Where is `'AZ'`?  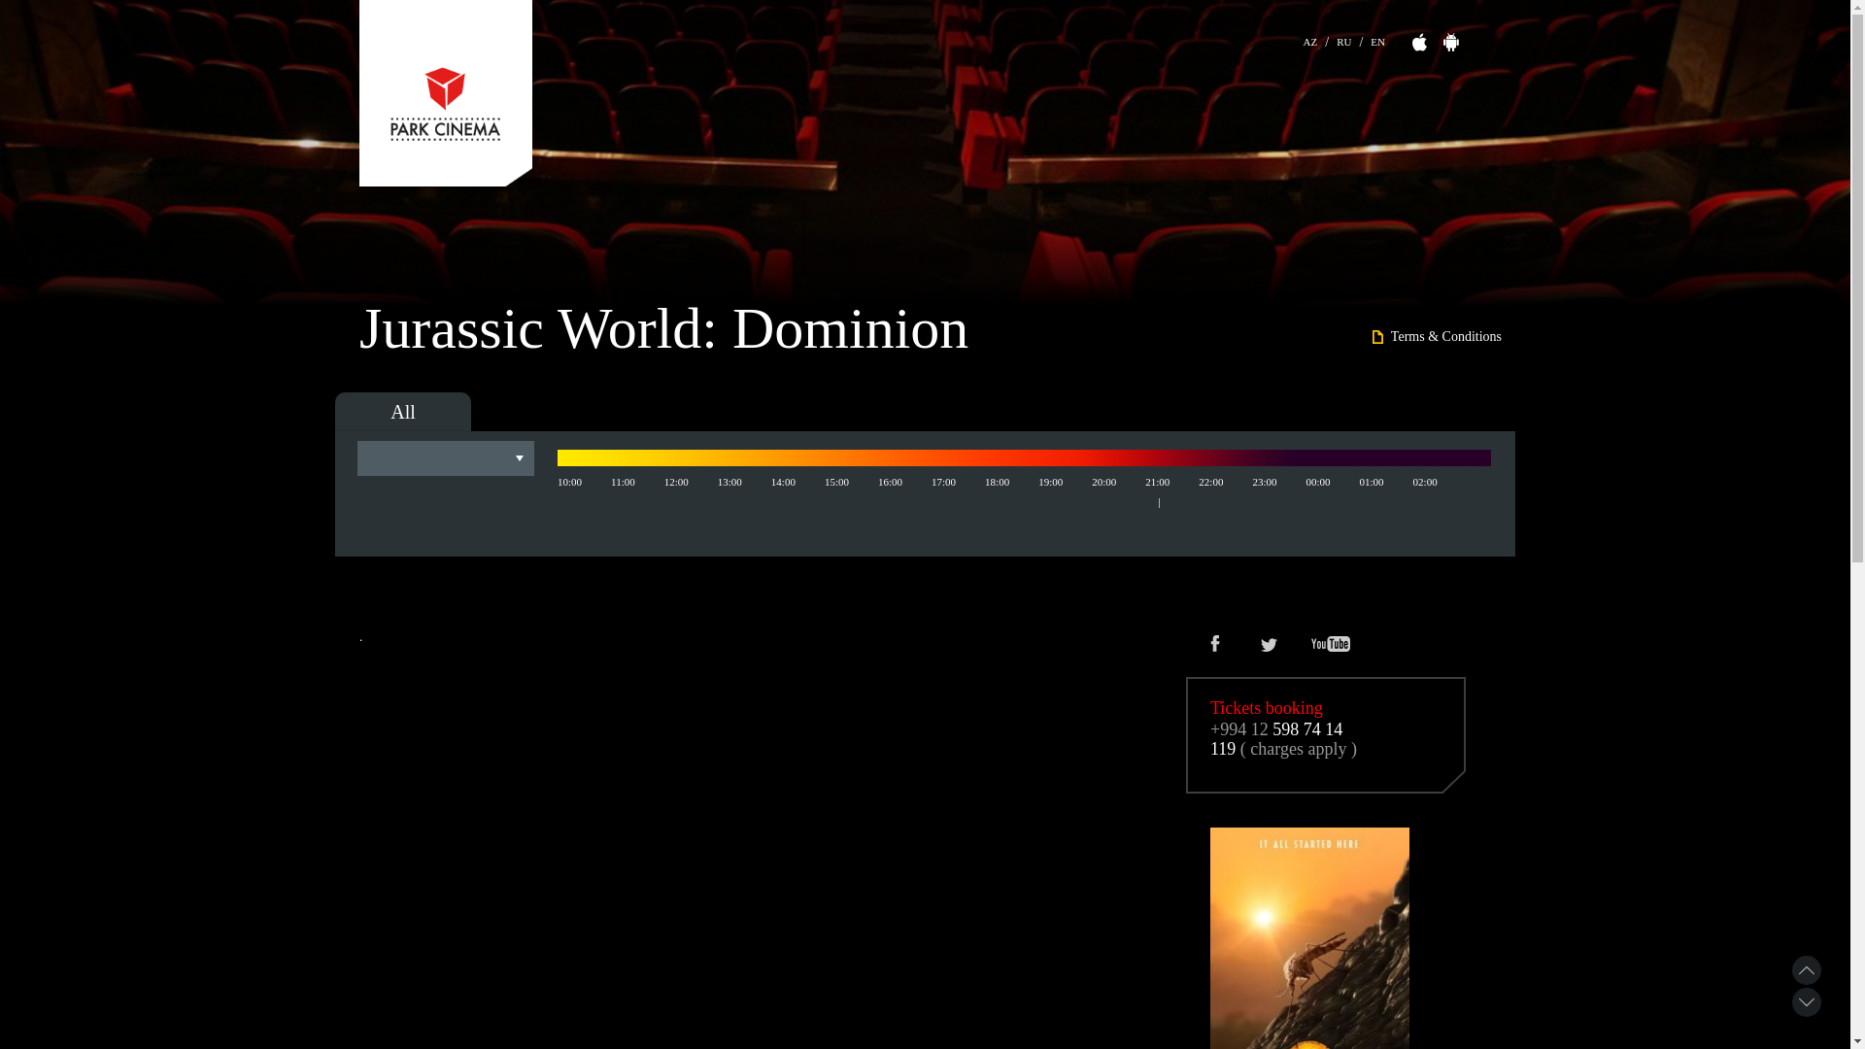
'AZ' is located at coordinates (1304, 39).